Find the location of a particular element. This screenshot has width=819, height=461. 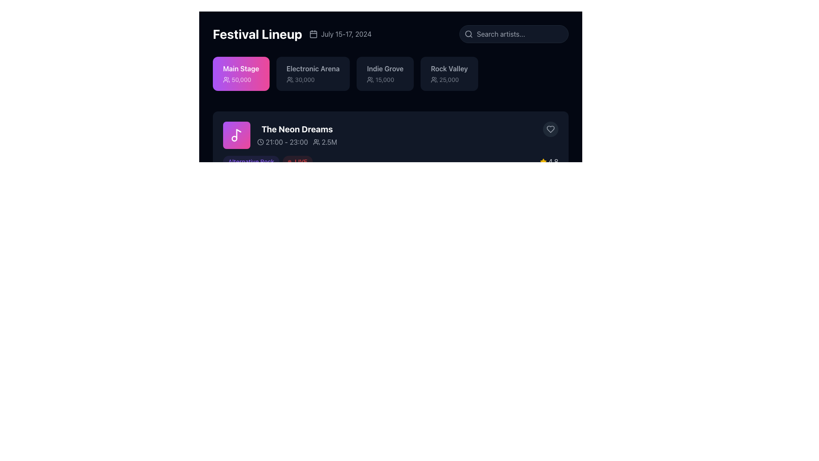

the user group icon, which is a minimalistic graphical icon resembling stylized human shapes, located to the left of the text '15,000' is located at coordinates (370, 79).